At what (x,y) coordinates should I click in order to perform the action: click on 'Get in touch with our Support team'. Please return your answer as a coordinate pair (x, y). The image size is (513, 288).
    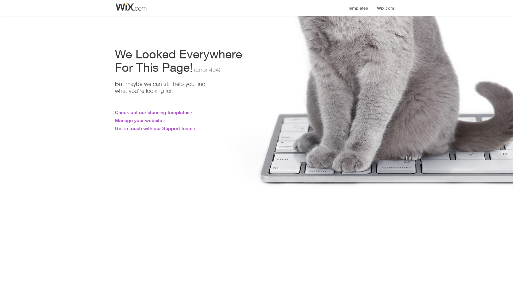
    Looking at the image, I should click on (153, 128).